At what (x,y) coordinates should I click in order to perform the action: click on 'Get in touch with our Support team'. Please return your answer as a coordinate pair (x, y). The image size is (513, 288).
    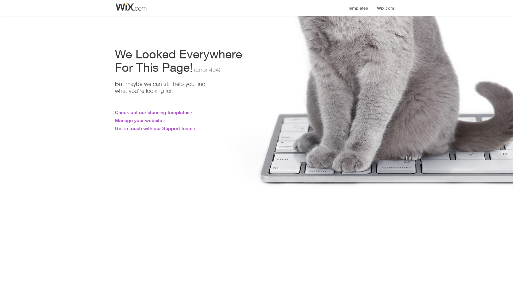
    Looking at the image, I should click on (153, 128).